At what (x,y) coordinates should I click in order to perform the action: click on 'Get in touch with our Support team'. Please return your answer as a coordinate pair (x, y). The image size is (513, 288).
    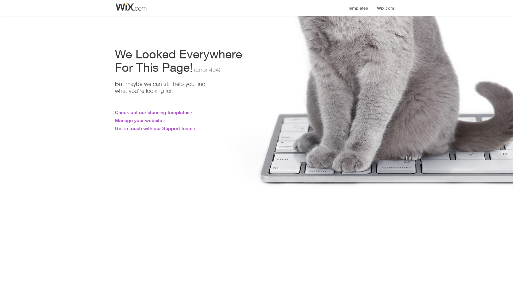
    Looking at the image, I should click on (153, 128).